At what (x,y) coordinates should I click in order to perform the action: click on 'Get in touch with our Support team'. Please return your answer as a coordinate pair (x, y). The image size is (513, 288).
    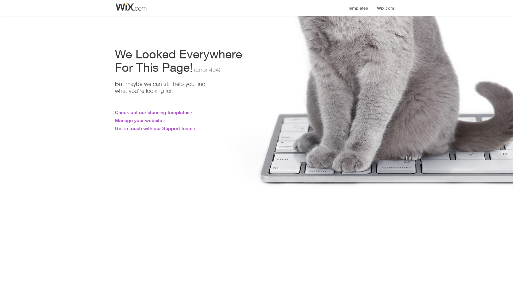
    Looking at the image, I should click on (153, 128).